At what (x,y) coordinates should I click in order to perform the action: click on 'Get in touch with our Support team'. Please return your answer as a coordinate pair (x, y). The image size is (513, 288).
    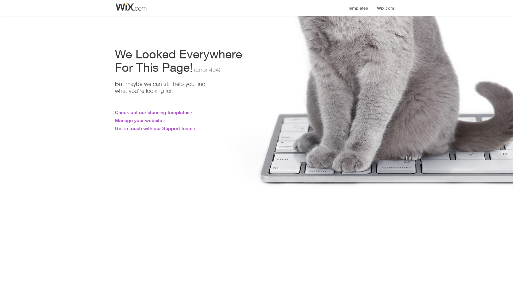
    Looking at the image, I should click on (153, 128).